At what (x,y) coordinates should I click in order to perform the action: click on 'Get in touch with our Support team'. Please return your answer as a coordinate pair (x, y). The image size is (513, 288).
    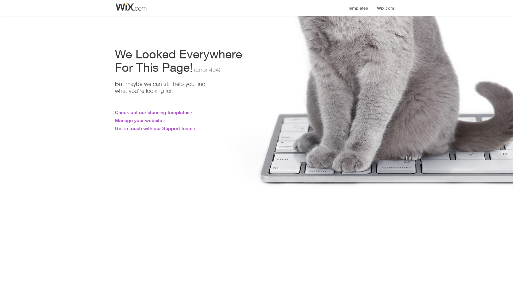
    Looking at the image, I should click on (153, 128).